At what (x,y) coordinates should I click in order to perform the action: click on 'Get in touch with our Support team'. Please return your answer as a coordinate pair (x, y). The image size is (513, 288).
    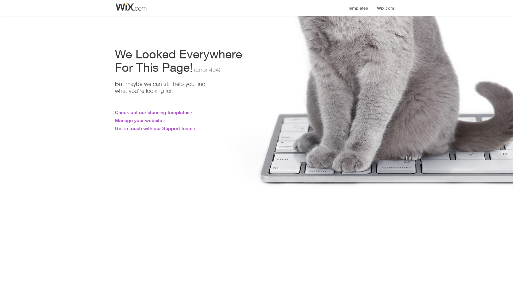
    Looking at the image, I should click on (153, 128).